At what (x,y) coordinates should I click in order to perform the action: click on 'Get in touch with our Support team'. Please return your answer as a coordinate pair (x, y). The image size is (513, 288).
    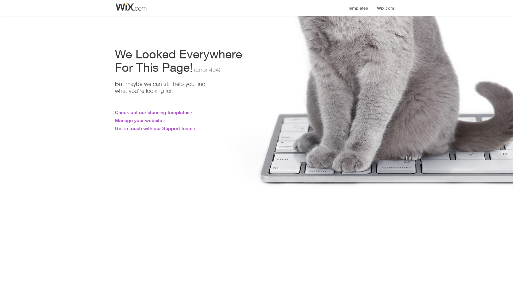
    Looking at the image, I should click on (153, 128).